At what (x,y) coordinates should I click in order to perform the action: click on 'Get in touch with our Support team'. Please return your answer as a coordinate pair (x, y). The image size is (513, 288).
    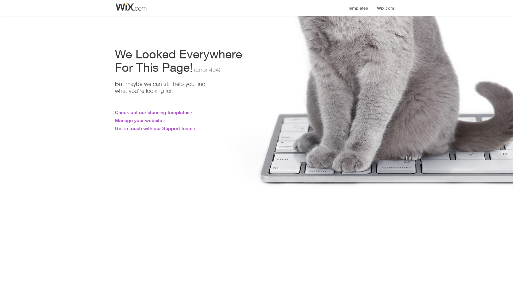
    Looking at the image, I should click on (153, 128).